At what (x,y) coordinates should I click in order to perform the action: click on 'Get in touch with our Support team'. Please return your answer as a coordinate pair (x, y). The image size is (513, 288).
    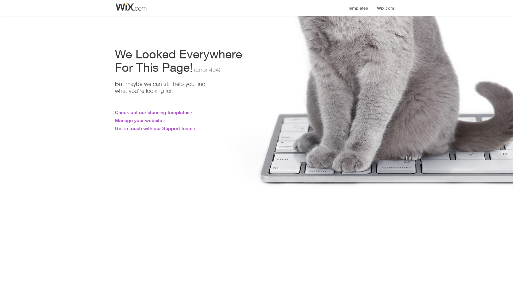
    Looking at the image, I should click on (153, 128).